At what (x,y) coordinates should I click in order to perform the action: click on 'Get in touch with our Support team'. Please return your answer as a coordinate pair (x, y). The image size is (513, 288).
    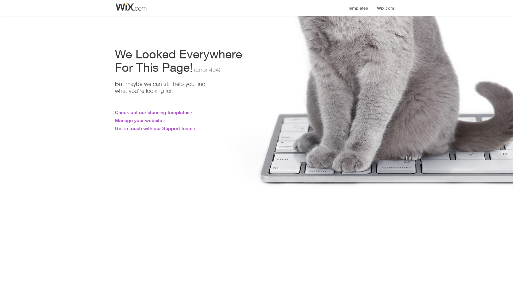
    Looking at the image, I should click on (153, 128).